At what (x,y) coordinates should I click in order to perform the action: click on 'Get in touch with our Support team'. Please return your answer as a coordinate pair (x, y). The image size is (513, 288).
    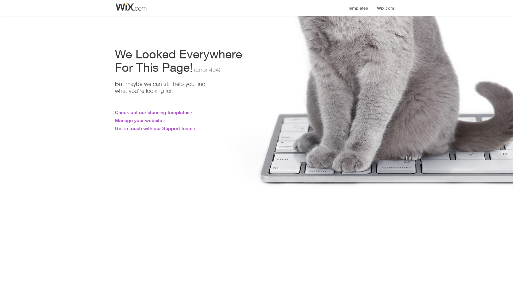
    Looking at the image, I should click on (153, 128).